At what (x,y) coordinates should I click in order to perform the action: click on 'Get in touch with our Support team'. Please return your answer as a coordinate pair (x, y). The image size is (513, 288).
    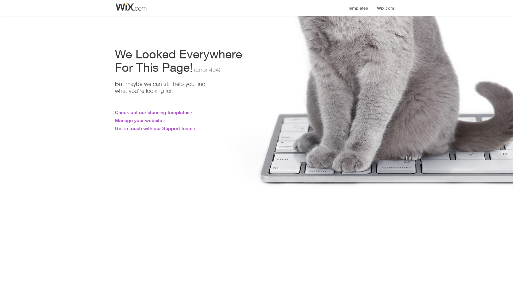
    Looking at the image, I should click on (153, 128).